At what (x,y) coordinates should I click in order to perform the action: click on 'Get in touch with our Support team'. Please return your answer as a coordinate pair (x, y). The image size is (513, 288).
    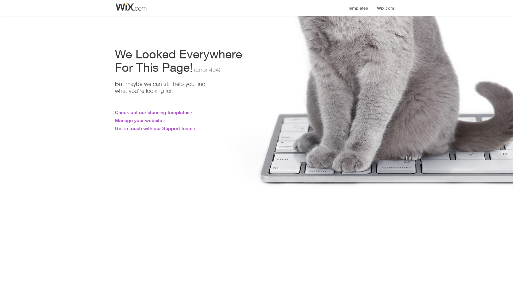
    Looking at the image, I should click on (153, 128).